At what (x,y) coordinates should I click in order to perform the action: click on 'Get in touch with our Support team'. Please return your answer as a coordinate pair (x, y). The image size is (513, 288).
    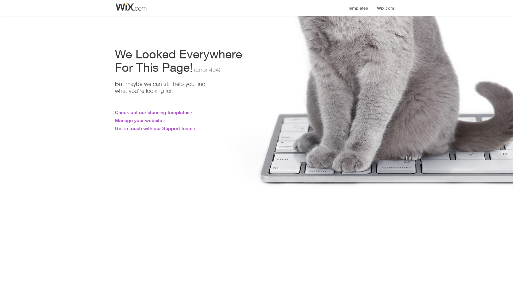
    Looking at the image, I should click on (153, 128).